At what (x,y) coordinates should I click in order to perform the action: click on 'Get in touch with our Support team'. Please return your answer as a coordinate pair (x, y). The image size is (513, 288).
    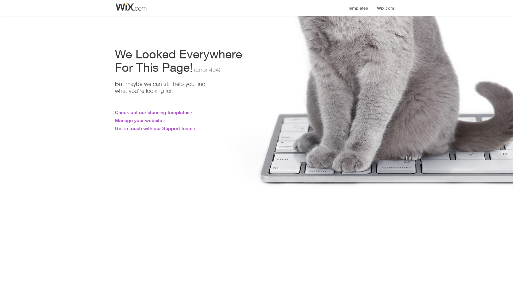
    Looking at the image, I should click on (153, 128).